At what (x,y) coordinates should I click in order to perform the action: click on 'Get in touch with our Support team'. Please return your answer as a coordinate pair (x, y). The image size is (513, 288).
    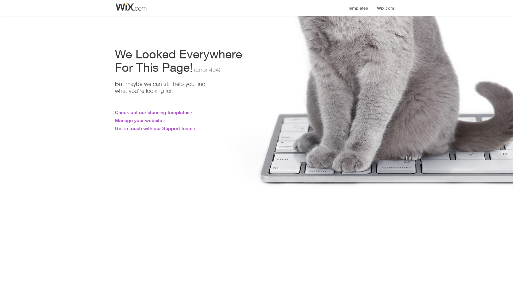
    Looking at the image, I should click on (153, 128).